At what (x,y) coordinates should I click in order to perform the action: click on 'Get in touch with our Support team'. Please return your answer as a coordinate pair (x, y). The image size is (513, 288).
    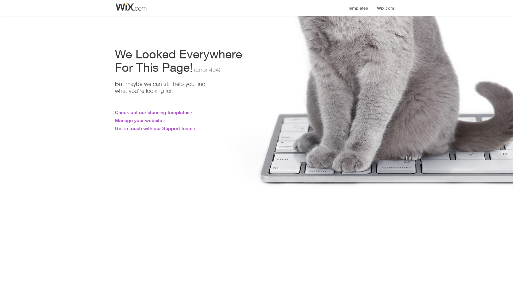
    Looking at the image, I should click on (153, 128).